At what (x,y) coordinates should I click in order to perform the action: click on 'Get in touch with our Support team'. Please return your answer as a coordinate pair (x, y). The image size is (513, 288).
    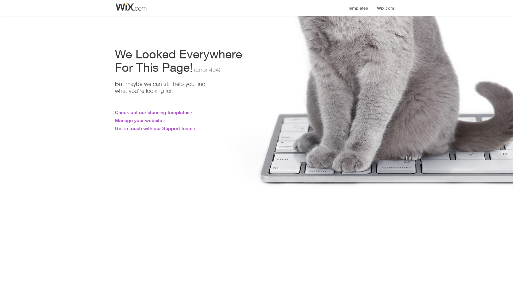
    Looking at the image, I should click on (153, 128).